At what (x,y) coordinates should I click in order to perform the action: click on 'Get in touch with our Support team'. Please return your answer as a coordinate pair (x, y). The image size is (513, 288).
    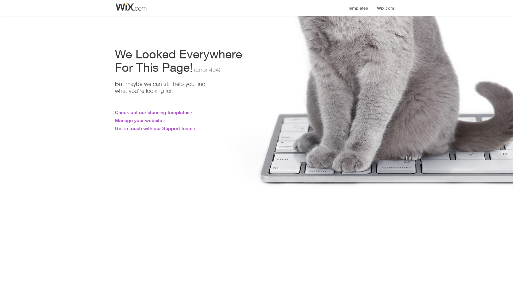
    Looking at the image, I should click on (153, 128).